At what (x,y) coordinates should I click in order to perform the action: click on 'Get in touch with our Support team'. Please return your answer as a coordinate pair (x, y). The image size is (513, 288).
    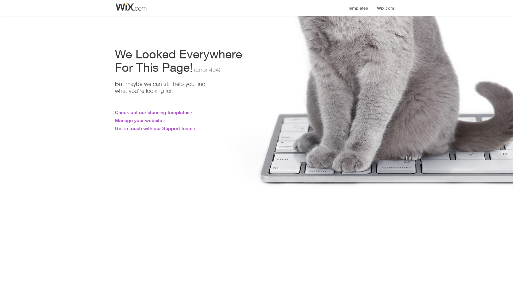
    Looking at the image, I should click on (153, 128).